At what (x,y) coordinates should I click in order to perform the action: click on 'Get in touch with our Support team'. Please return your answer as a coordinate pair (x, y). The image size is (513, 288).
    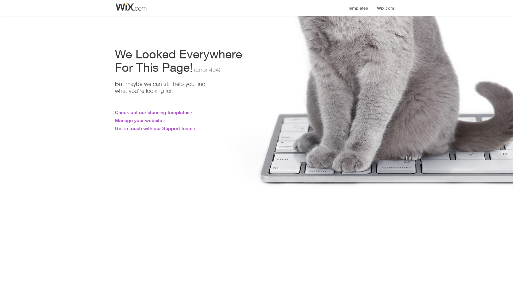
    Looking at the image, I should click on (153, 128).